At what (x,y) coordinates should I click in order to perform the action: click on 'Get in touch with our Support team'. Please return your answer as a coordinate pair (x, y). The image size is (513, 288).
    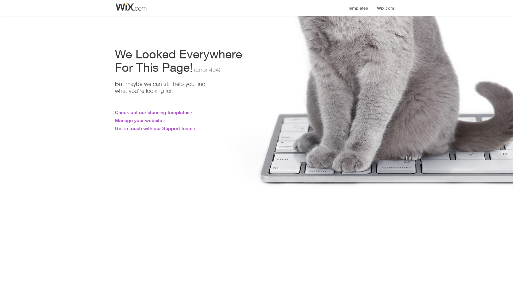
    Looking at the image, I should click on (153, 128).